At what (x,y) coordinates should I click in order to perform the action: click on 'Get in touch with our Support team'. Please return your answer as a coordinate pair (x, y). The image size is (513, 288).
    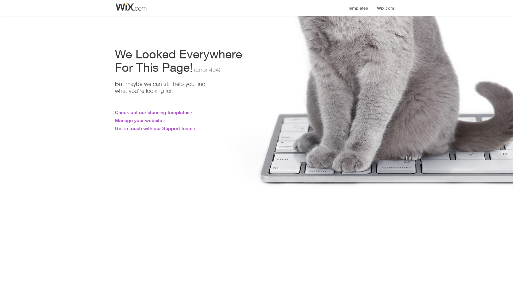
    Looking at the image, I should click on (153, 128).